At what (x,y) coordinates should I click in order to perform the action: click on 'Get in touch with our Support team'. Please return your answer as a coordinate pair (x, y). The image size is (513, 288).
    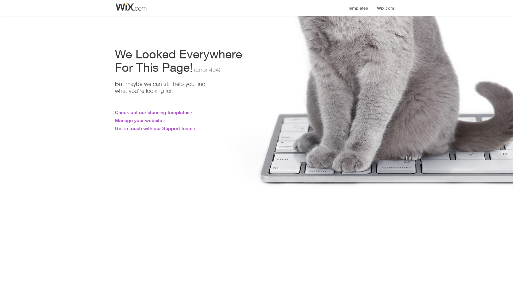
    Looking at the image, I should click on (153, 128).